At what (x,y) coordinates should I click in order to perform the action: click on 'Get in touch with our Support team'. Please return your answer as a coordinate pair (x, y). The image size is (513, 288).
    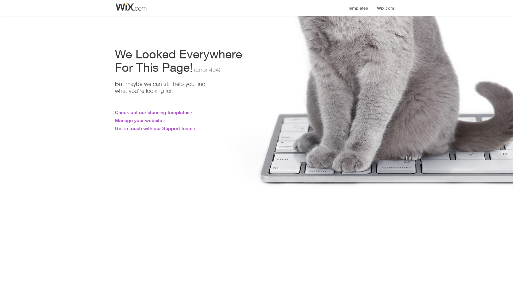
    Looking at the image, I should click on (153, 128).